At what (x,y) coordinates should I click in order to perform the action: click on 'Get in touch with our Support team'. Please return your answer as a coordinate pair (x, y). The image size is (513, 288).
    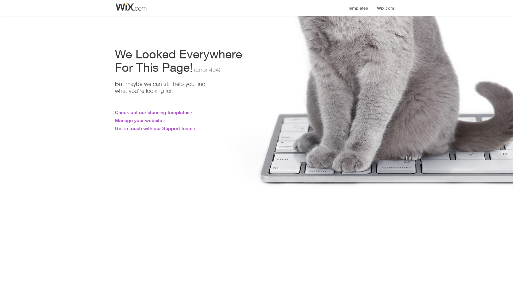
    Looking at the image, I should click on (153, 128).